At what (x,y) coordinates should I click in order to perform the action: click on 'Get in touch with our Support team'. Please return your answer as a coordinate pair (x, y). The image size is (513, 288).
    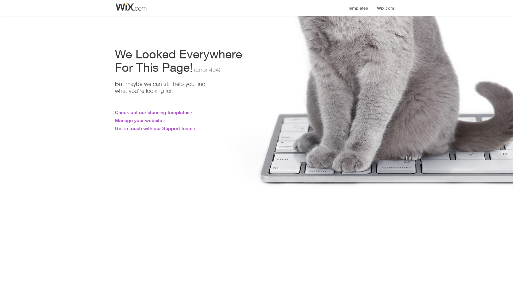
    Looking at the image, I should click on (153, 128).